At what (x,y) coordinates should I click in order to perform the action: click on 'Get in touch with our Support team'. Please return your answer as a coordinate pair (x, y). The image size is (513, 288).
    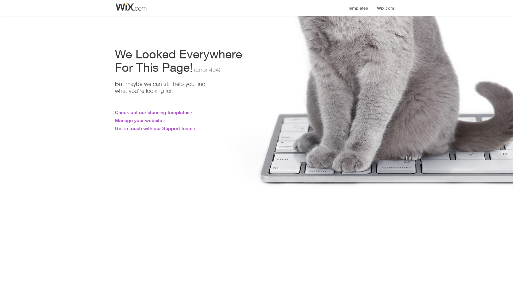
    Looking at the image, I should click on (153, 128).